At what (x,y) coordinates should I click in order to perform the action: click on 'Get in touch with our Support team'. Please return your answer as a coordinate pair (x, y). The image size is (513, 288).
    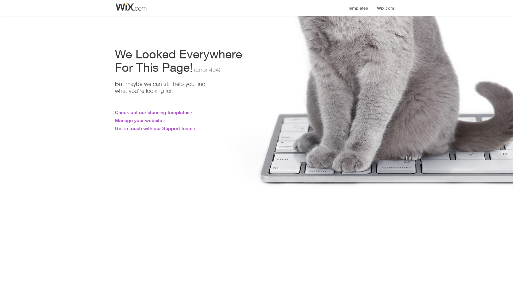
    Looking at the image, I should click on (153, 128).